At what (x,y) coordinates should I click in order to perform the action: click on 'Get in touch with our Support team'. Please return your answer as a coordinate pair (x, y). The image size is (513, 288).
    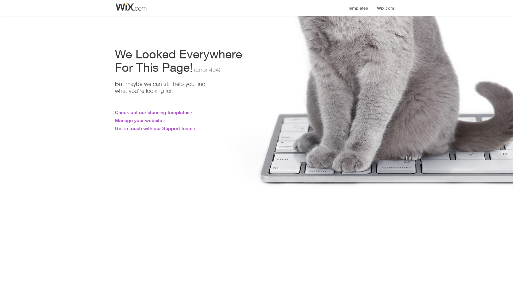
    Looking at the image, I should click on (153, 128).